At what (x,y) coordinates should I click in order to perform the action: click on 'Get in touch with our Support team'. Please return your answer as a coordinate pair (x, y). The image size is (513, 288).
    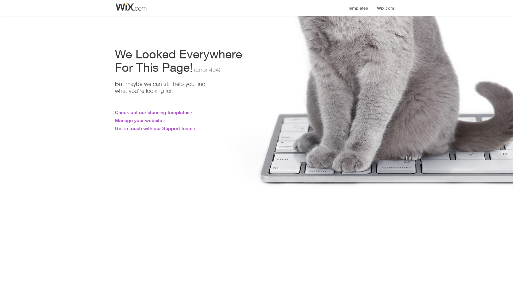
    Looking at the image, I should click on (153, 128).